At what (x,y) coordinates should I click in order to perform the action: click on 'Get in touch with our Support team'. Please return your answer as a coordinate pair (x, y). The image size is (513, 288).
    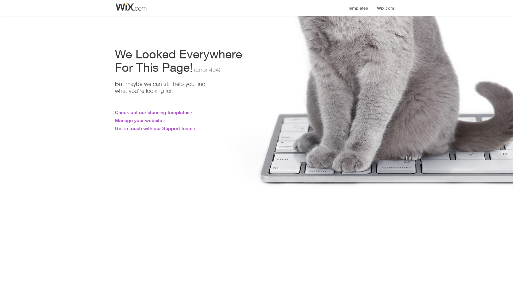
    Looking at the image, I should click on (153, 128).